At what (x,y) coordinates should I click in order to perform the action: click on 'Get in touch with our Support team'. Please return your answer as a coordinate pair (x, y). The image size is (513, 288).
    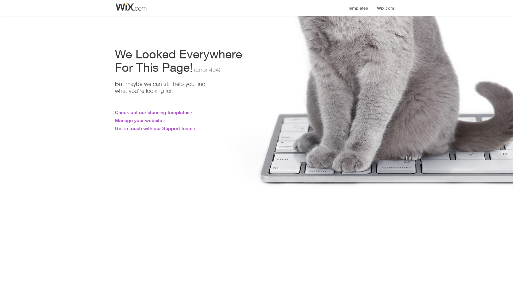
    Looking at the image, I should click on (153, 128).